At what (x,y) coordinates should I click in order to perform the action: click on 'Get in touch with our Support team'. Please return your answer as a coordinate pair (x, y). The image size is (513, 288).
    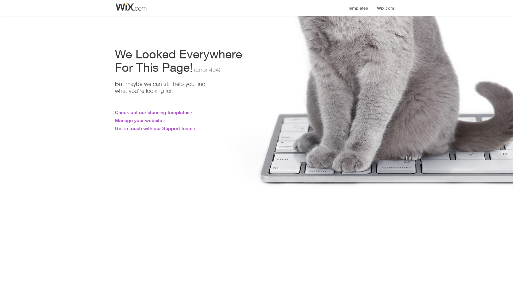
    Looking at the image, I should click on (153, 128).